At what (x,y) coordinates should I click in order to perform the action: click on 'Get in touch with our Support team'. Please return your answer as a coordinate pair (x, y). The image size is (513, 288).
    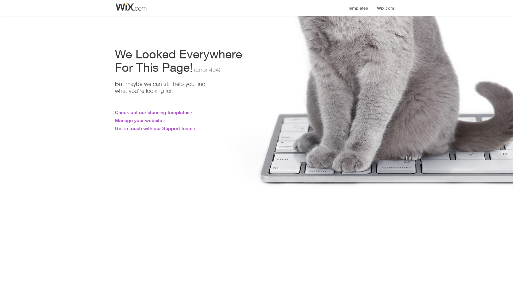
    Looking at the image, I should click on (153, 128).